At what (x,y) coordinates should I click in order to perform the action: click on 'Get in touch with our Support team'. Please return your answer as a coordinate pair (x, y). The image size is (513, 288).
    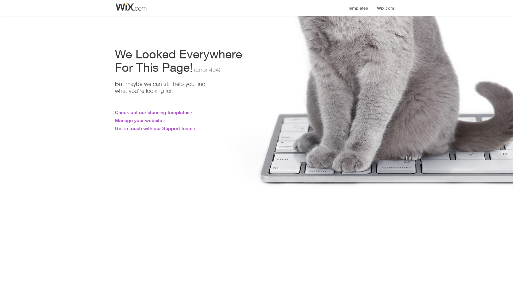
    Looking at the image, I should click on (153, 128).